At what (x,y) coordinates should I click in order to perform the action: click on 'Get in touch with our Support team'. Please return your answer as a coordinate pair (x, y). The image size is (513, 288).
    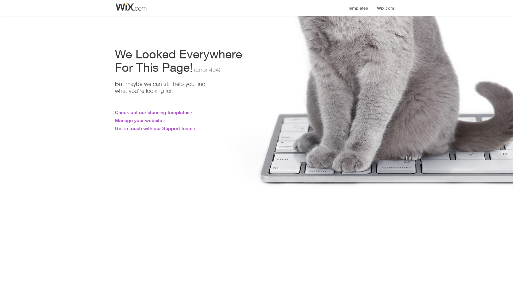
    Looking at the image, I should click on (153, 128).